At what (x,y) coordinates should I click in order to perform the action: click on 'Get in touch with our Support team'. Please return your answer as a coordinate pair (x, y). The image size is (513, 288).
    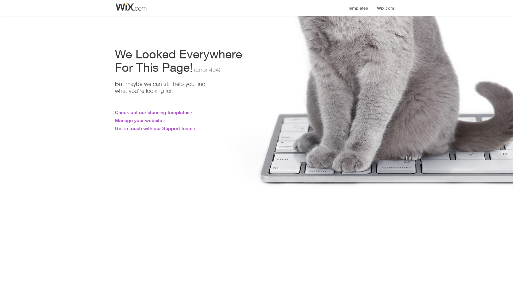
    Looking at the image, I should click on (153, 128).